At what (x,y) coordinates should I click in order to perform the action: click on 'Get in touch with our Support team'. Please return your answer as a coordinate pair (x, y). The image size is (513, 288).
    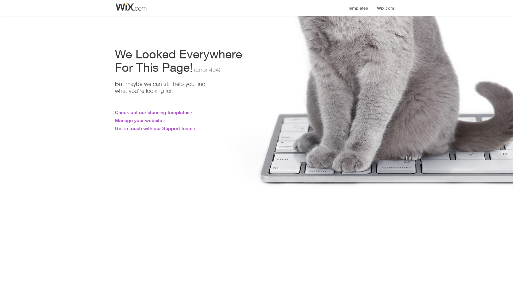
    Looking at the image, I should click on (153, 128).